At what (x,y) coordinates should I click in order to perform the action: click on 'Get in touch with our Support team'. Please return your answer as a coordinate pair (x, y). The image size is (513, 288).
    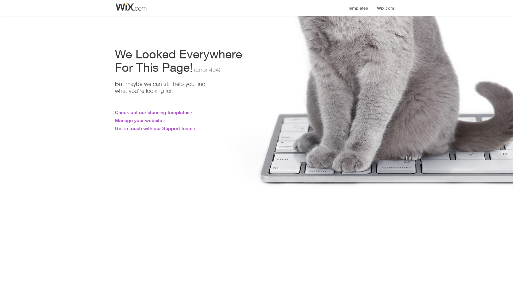
    Looking at the image, I should click on (153, 128).